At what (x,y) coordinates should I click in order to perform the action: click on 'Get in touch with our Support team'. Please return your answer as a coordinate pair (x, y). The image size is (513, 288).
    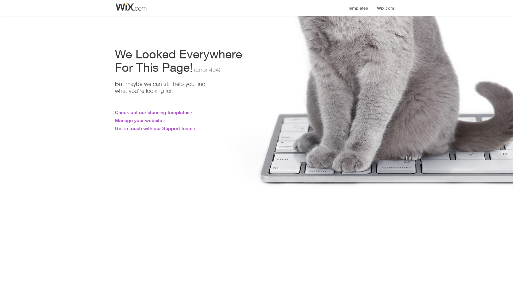
    Looking at the image, I should click on (153, 128).